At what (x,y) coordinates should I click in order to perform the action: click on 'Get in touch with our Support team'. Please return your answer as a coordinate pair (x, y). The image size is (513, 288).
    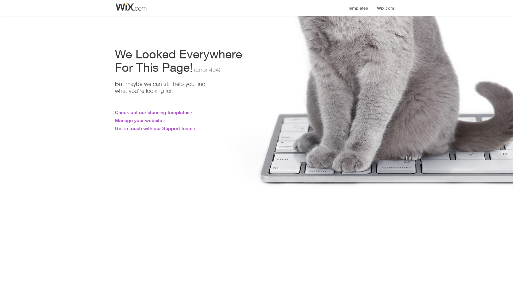
    Looking at the image, I should click on (153, 128).